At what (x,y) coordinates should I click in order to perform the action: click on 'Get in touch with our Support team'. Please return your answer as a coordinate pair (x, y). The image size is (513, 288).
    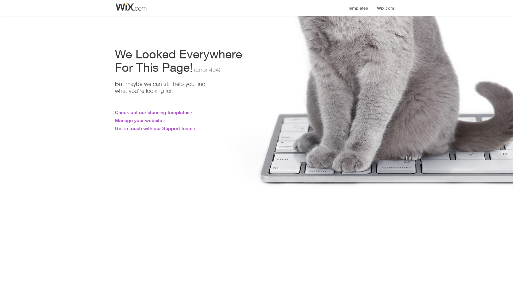
    Looking at the image, I should click on (153, 128).